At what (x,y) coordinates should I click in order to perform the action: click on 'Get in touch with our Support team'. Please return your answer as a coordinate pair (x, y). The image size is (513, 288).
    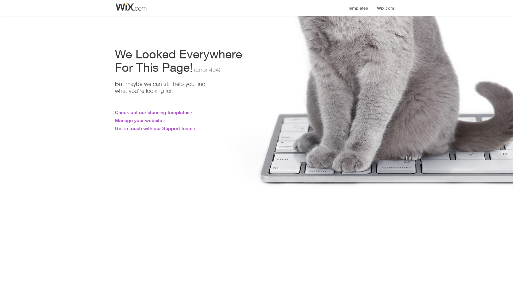
    Looking at the image, I should click on (153, 128).